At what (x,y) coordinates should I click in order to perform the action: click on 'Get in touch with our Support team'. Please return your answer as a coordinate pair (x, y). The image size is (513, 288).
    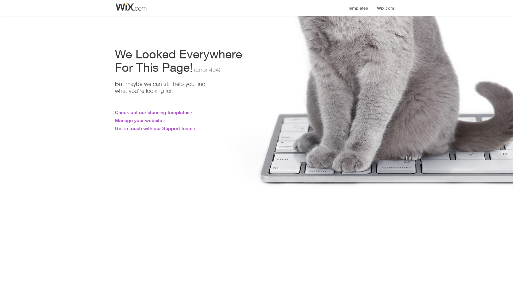
    Looking at the image, I should click on (153, 128).